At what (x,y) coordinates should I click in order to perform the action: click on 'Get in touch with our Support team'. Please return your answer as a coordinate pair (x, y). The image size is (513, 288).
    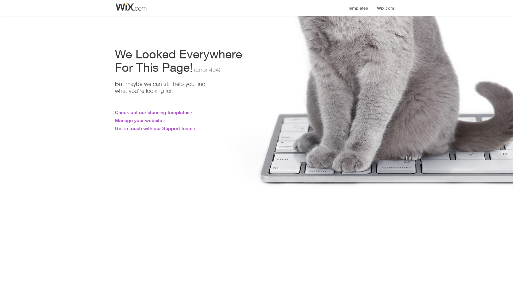
    Looking at the image, I should click on (153, 128).